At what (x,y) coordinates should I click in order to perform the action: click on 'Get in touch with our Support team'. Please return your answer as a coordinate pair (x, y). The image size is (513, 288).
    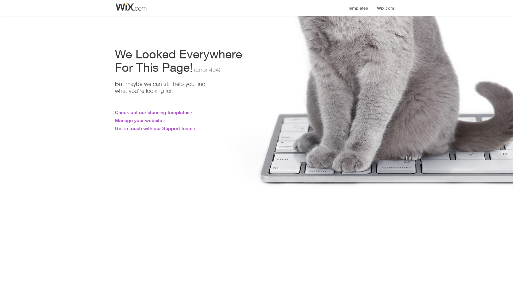
    Looking at the image, I should click on (153, 128).